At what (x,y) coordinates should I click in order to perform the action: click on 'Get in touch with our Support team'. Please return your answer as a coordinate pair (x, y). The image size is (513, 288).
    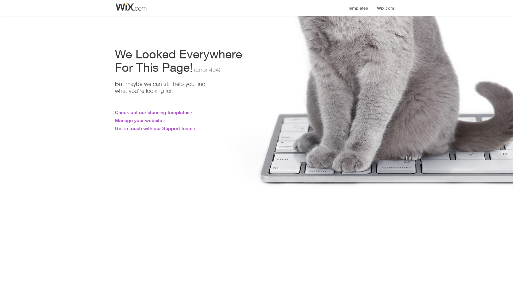
    Looking at the image, I should click on (153, 128).